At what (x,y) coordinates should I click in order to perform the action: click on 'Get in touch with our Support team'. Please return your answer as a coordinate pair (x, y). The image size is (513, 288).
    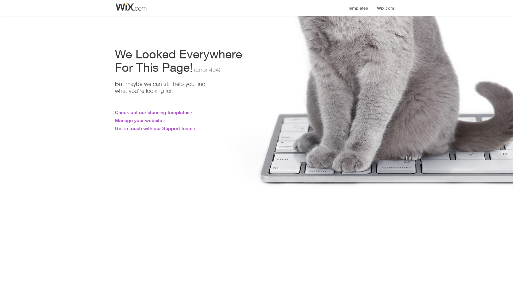
    Looking at the image, I should click on (153, 128).